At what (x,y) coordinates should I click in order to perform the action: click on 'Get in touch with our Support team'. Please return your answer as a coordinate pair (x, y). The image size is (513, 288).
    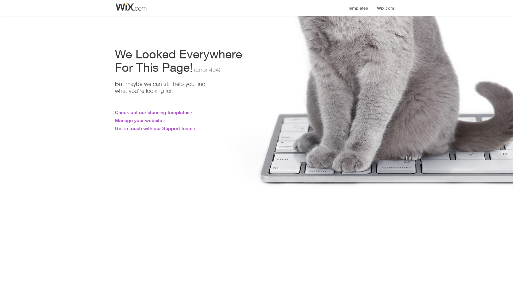
    Looking at the image, I should click on (153, 128).